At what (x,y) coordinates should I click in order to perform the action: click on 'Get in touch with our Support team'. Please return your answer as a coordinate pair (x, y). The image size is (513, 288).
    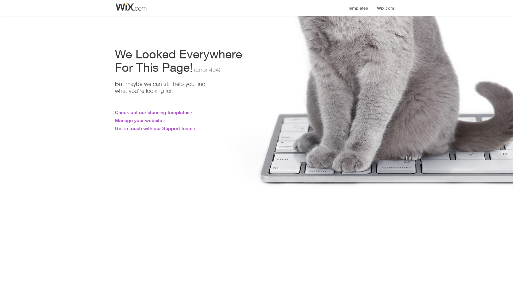
    Looking at the image, I should click on (153, 128).